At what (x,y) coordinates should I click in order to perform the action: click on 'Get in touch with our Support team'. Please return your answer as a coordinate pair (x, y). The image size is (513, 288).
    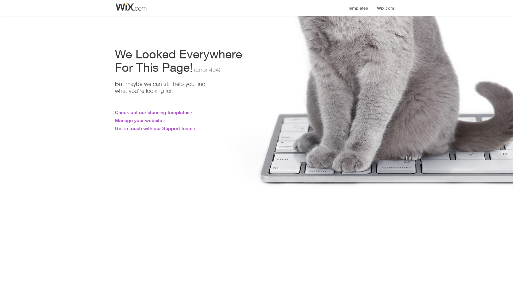
    Looking at the image, I should click on (153, 128).